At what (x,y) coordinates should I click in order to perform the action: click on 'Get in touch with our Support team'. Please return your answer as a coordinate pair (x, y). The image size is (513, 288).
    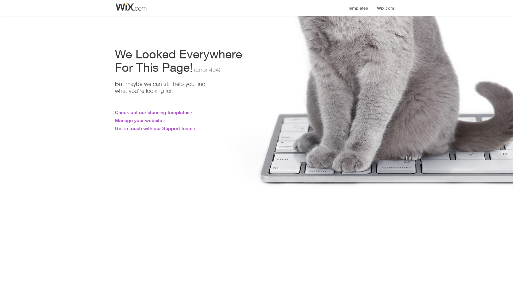
    Looking at the image, I should click on (153, 128).